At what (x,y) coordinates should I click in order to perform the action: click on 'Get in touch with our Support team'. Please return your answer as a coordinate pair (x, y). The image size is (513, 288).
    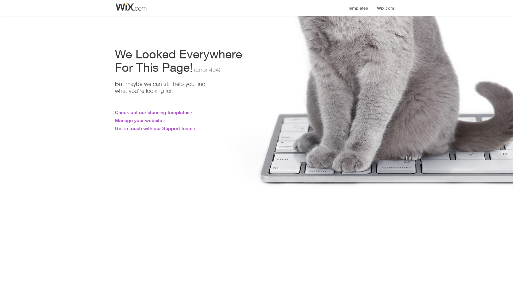
    Looking at the image, I should click on (153, 128).